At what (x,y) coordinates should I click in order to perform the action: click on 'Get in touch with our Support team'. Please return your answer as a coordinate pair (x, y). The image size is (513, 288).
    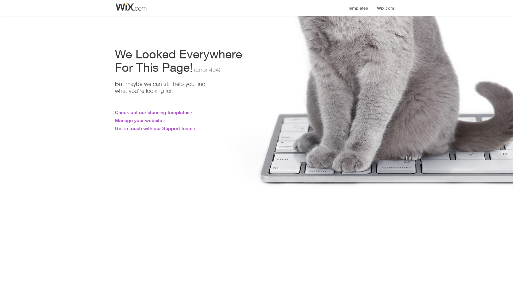
    Looking at the image, I should click on (153, 128).